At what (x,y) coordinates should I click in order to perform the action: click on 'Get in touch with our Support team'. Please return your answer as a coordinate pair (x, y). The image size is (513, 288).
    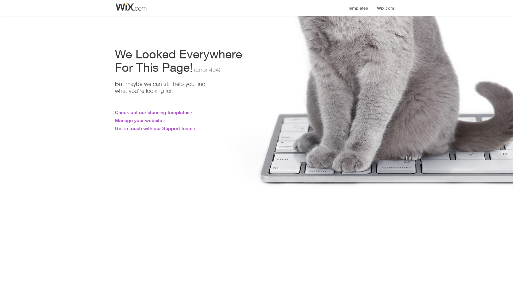
    Looking at the image, I should click on (153, 128).